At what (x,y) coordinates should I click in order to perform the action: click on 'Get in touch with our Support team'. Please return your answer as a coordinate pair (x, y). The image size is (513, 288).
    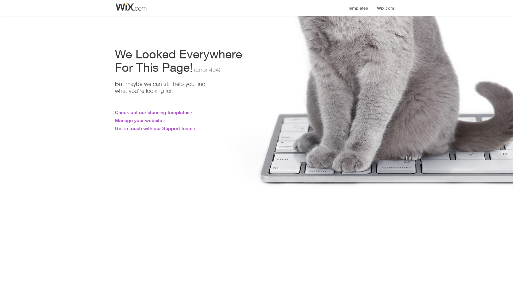
    Looking at the image, I should click on (153, 128).